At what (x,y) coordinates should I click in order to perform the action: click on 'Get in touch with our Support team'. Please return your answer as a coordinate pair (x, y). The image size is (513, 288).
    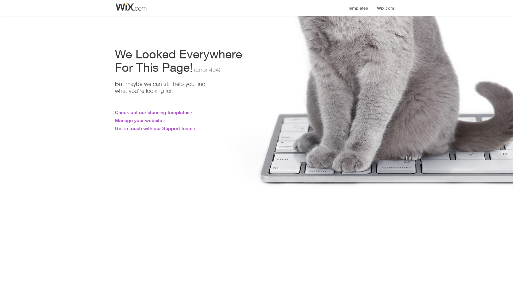
    Looking at the image, I should click on (153, 128).